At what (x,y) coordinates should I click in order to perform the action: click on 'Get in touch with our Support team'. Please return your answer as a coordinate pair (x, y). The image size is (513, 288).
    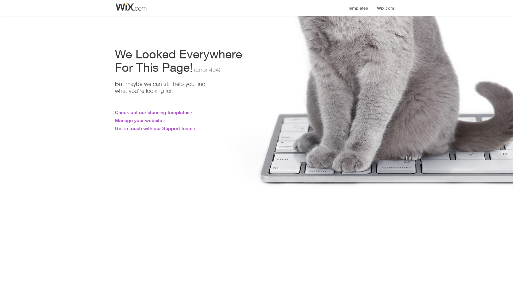
    Looking at the image, I should click on (153, 128).